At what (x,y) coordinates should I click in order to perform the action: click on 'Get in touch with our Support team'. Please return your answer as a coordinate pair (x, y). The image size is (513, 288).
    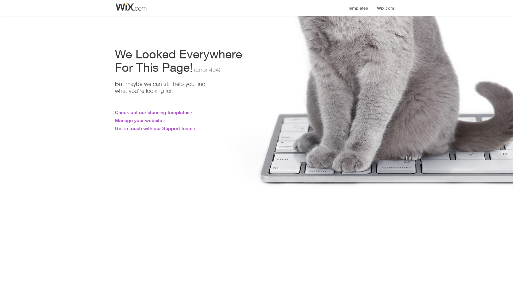
    Looking at the image, I should click on (153, 128).